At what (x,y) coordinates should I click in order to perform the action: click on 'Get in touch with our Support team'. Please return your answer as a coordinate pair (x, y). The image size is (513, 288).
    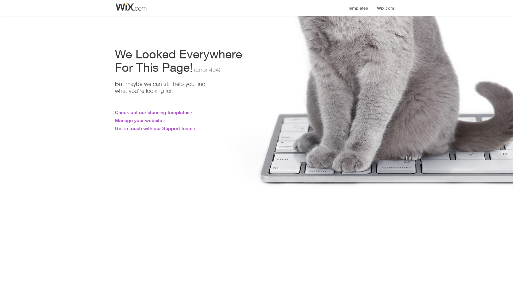
    Looking at the image, I should click on (153, 128).